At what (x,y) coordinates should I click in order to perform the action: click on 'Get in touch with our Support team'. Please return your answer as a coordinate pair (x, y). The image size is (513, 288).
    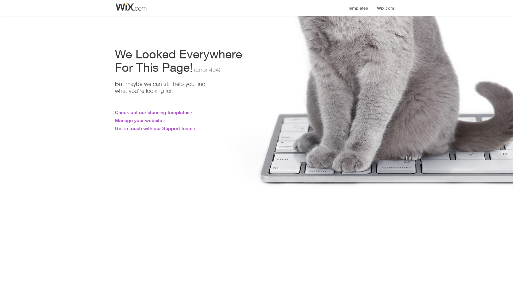
    Looking at the image, I should click on (153, 128).